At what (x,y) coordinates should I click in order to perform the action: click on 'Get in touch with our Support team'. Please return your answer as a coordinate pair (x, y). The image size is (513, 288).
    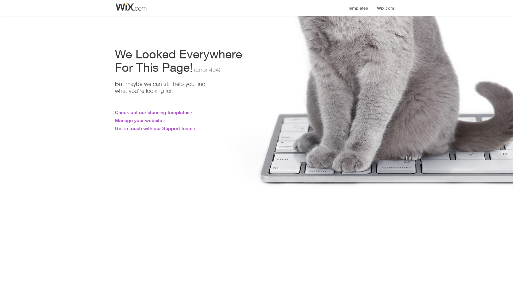
    Looking at the image, I should click on (153, 128).